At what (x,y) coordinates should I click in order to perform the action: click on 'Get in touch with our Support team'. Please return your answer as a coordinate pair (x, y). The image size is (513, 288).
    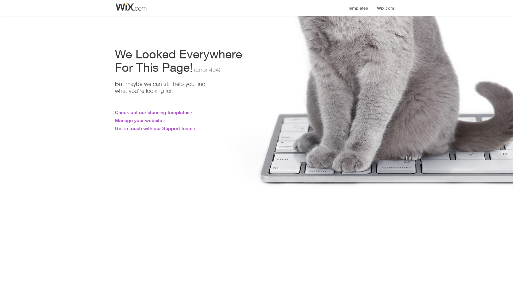
    Looking at the image, I should click on (153, 128).